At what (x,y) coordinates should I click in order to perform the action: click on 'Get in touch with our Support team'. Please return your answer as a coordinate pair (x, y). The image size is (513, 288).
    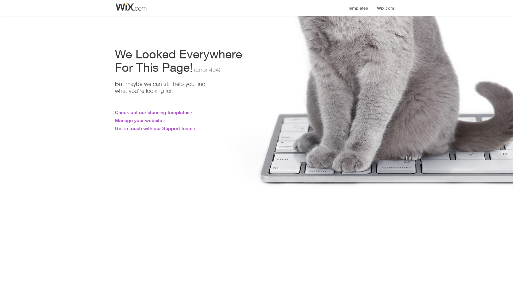
    Looking at the image, I should click on (153, 128).